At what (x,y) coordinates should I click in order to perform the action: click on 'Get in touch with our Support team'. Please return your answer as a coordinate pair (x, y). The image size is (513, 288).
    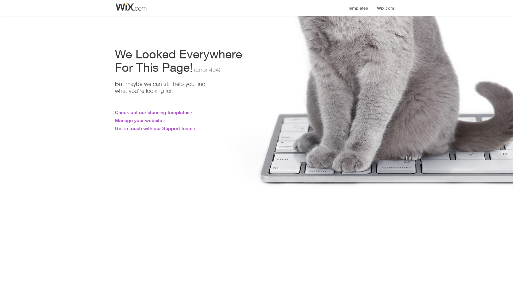
    Looking at the image, I should click on (153, 128).